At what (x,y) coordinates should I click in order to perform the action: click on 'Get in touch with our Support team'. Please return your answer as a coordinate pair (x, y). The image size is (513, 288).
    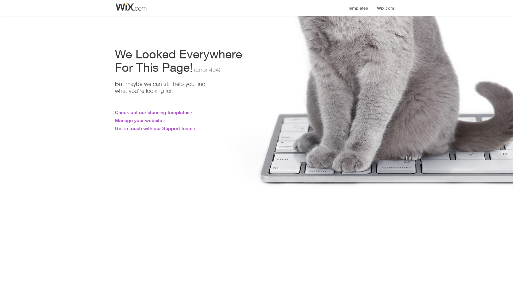
    Looking at the image, I should click on (153, 128).